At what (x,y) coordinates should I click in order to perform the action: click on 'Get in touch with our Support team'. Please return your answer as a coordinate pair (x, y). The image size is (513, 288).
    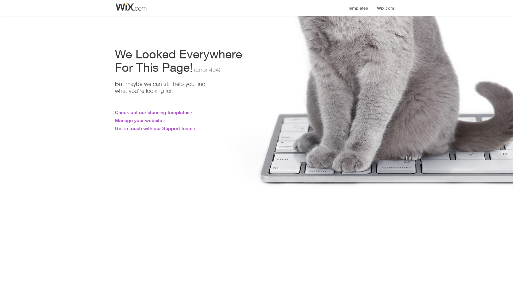
    Looking at the image, I should click on (153, 128).